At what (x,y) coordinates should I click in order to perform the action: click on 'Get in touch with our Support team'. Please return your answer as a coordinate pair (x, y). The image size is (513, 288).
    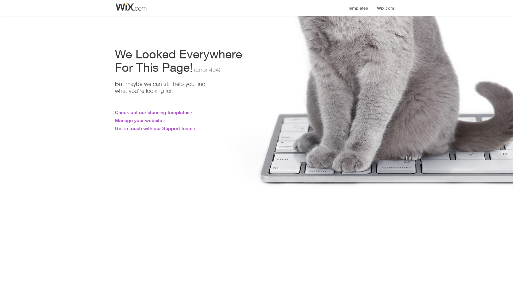
    Looking at the image, I should click on (153, 128).